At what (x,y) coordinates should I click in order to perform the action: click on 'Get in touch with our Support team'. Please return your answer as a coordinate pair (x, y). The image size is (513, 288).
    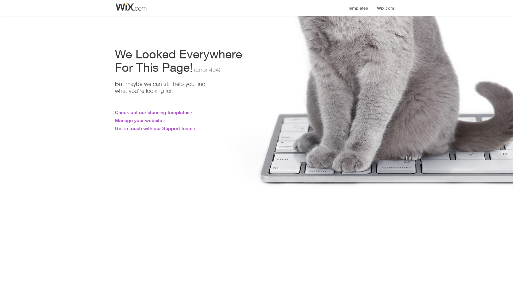
    Looking at the image, I should click on (153, 128).